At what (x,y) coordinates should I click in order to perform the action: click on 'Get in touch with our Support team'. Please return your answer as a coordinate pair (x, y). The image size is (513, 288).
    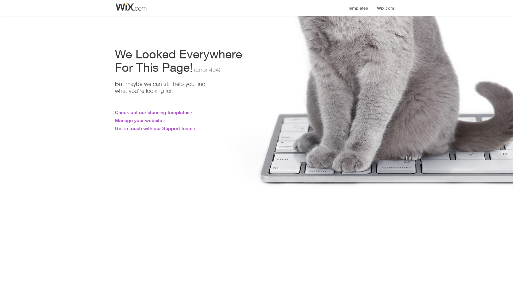
    Looking at the image, I should click on (153, 128).